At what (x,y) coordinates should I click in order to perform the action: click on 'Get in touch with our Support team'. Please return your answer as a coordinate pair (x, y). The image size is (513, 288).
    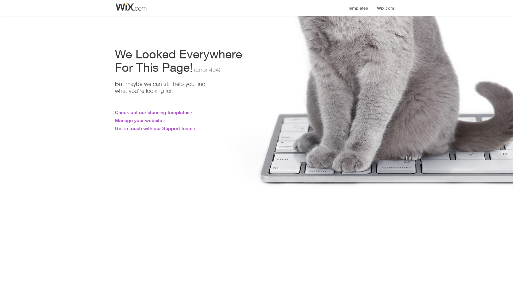
    Looking at the image, I should click on (153, 128).